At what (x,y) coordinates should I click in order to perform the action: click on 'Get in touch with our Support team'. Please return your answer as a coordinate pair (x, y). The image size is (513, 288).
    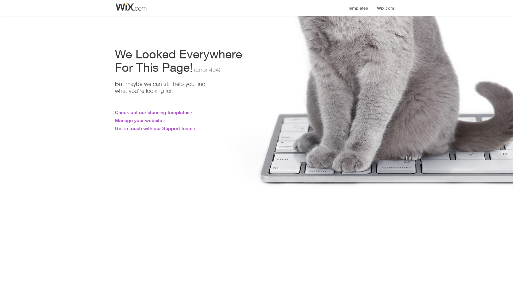
    Looking at the image, I should click on (153, 128).